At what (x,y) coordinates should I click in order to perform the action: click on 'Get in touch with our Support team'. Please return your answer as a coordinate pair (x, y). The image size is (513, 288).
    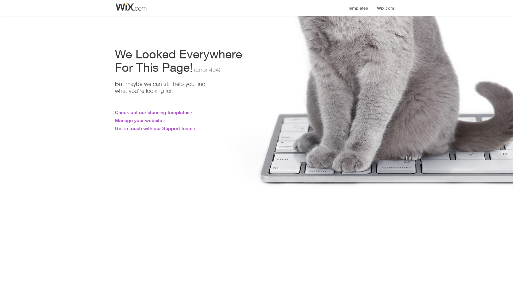
    Looking at the image, I should click on (153, 128).